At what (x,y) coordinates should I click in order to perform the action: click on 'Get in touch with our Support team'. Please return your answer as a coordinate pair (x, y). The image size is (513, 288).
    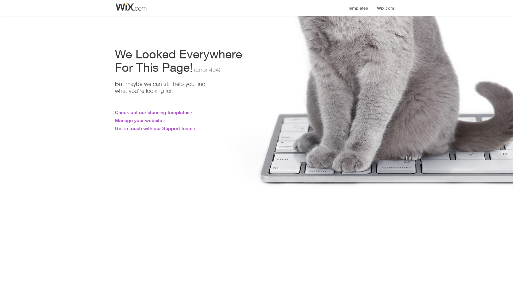
    Looking at the image, I should click on (153, 128).